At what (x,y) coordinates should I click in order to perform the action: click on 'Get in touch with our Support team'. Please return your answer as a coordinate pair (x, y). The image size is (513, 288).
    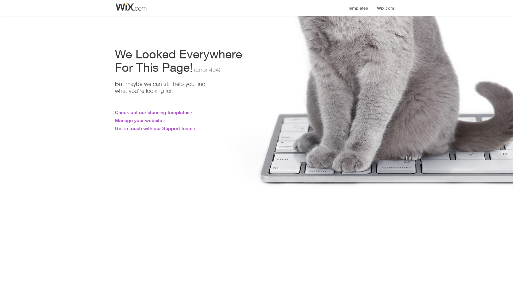
    Looking at the image, I should click on (153, 128).